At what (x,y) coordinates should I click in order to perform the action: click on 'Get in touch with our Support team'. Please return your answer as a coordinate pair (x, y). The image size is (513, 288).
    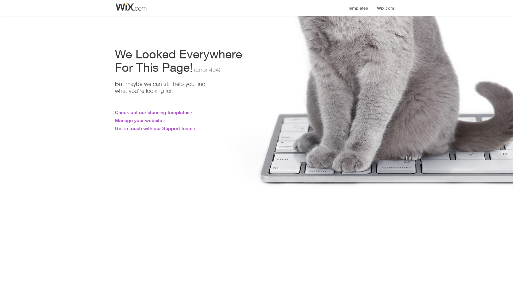
    Looking at the image, I should click on (153, 128).